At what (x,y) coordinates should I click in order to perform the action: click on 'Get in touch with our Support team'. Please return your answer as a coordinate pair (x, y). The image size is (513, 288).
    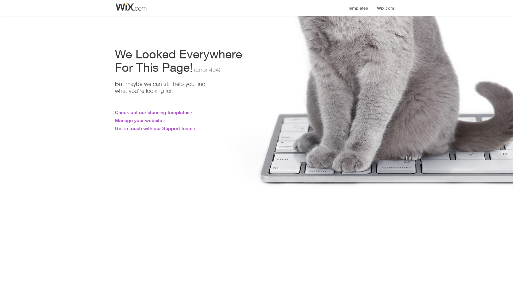
    Looking at the image, I should click on (153, 128).